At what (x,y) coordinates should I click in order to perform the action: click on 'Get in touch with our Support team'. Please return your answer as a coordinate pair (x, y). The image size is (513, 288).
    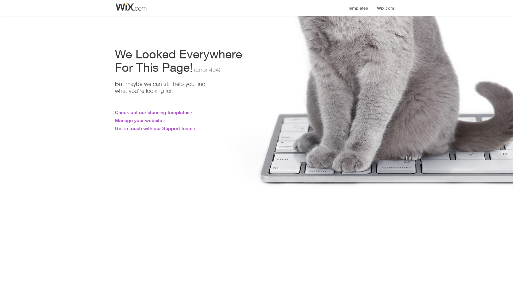
    Looking at the image, I should click on (153, 128).